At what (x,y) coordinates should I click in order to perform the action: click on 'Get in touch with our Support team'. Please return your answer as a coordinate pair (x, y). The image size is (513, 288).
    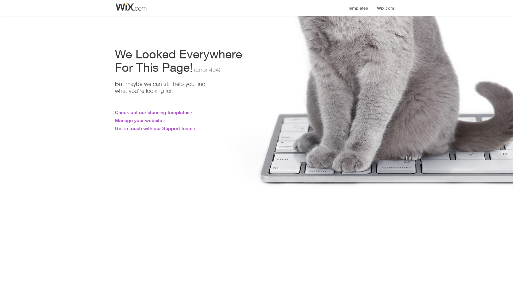
    Looking at the image, I should click on (153, 128).